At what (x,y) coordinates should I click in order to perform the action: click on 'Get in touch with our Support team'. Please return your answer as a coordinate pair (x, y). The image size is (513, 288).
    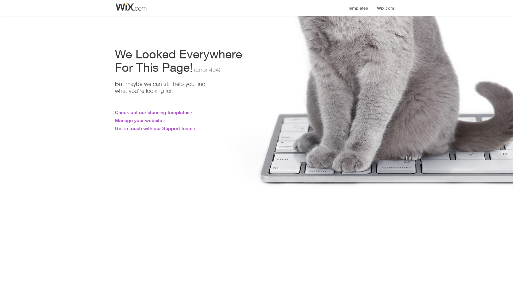
    Looking at the image, I should click on (153, 128).